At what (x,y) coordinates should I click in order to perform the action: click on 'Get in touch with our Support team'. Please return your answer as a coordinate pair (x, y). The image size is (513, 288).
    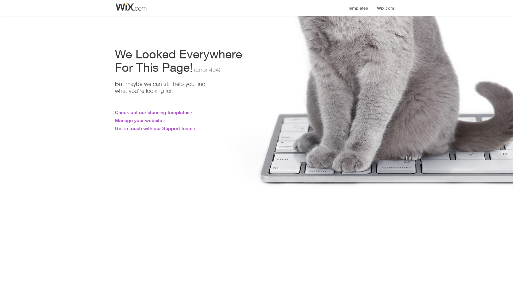
    Looking at the image, I should click on (153, 128).